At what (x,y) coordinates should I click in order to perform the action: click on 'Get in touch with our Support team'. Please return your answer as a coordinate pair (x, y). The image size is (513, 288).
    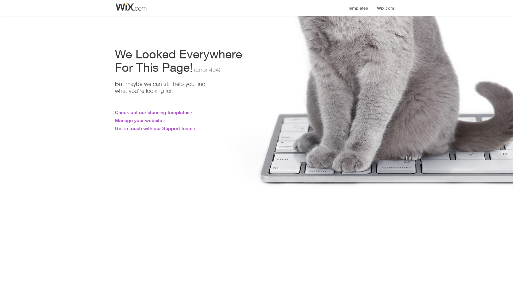
    Looking at the image, I should click on (153, 128).